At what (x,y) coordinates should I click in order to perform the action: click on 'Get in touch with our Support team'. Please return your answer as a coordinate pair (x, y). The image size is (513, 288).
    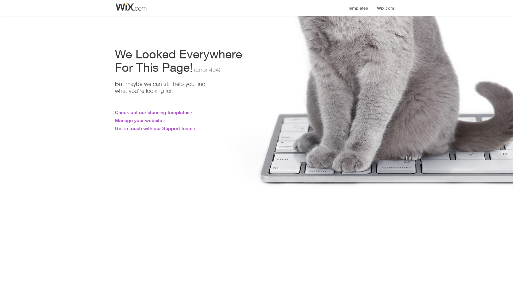
    Looking at the image, I should click on (153, 128).